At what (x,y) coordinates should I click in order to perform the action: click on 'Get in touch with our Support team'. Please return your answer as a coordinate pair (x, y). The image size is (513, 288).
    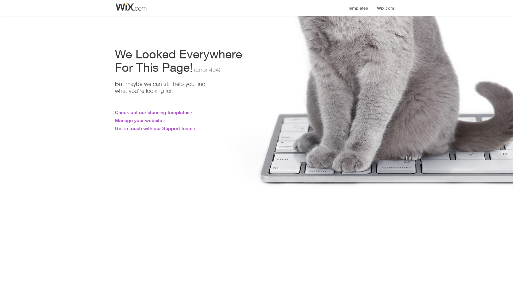
    Looking at the image, I should click on (153, 128).